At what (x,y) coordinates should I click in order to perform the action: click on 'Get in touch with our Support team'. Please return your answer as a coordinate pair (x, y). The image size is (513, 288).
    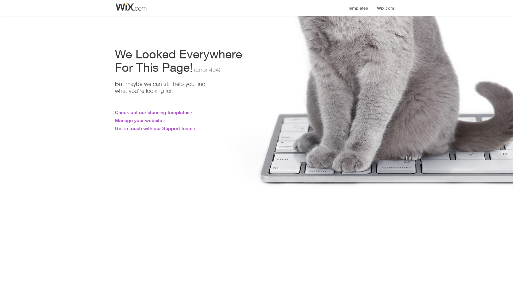
    Looking at the image, I should click on (153, 128).